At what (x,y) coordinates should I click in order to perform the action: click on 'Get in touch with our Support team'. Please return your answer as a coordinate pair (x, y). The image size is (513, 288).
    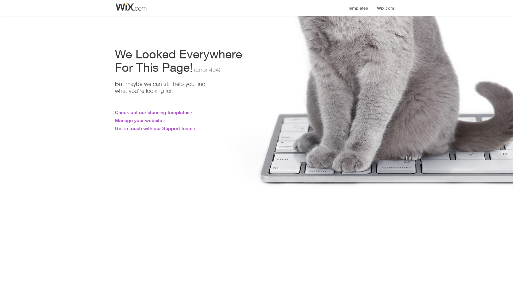
    Looking at the image, I should click on (153, 128).